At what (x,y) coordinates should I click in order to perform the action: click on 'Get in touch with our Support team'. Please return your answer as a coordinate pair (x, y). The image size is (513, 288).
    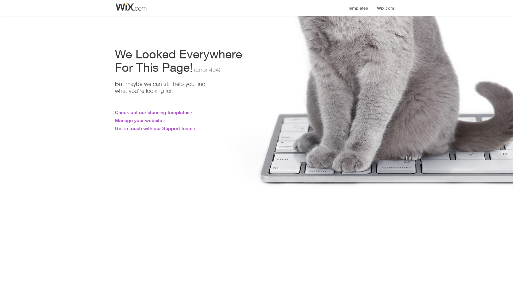
    Looking at the image, I should click on (153, 128).